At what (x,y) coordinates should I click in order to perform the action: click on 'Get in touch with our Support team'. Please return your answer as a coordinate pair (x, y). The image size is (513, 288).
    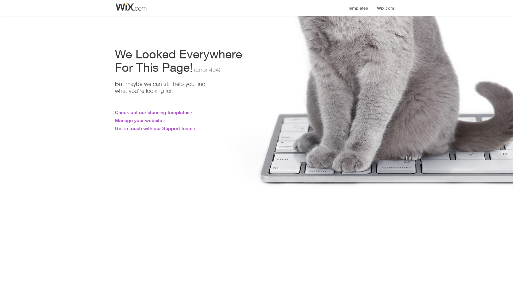
    Looking at the image, I should click on (153, 128).